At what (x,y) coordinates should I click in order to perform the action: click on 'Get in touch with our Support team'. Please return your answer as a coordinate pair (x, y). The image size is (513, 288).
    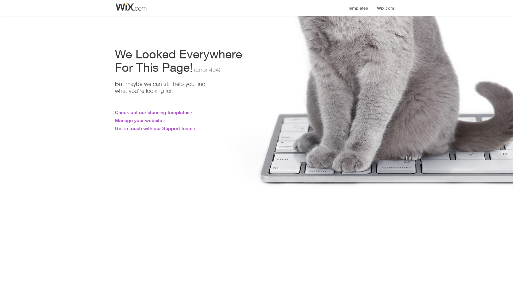
    Looking at the image, I should click on (153, 128).